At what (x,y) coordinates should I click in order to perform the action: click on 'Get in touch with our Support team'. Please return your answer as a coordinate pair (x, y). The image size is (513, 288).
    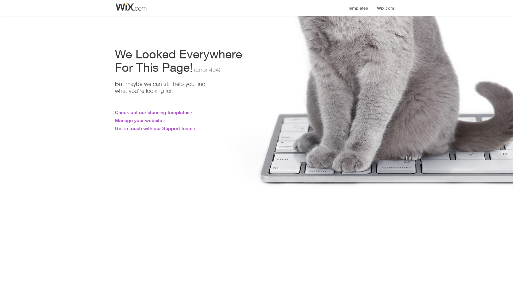
    Looking at the image, I should click on (153, 128).